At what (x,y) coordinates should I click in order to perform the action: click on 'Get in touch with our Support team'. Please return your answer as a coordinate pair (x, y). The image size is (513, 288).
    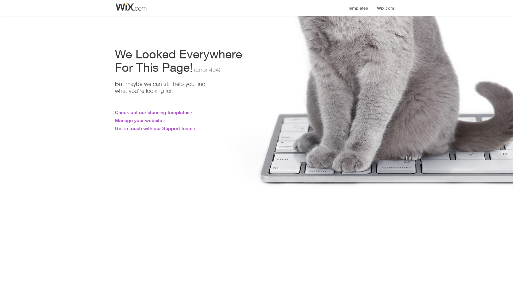
    Looking at the image, I should click on (153, 128).